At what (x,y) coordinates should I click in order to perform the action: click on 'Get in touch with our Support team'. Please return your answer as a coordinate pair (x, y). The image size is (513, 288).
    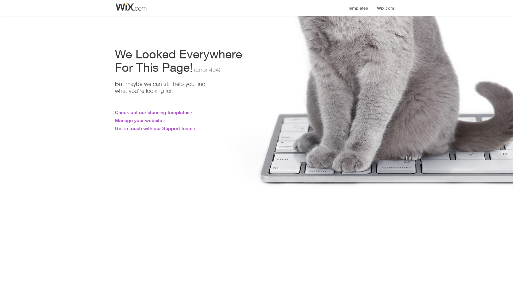
    Looking at the image, I should click on (153, 128).